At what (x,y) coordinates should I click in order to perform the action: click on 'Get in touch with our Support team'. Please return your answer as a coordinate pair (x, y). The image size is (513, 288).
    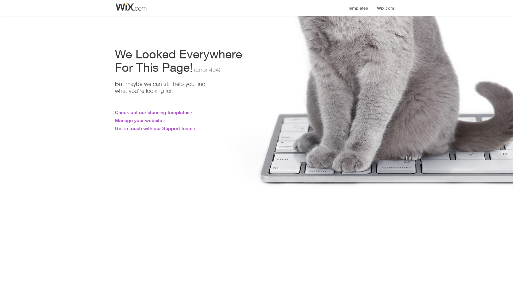
    Looking at the image, I should click on (153, 128).